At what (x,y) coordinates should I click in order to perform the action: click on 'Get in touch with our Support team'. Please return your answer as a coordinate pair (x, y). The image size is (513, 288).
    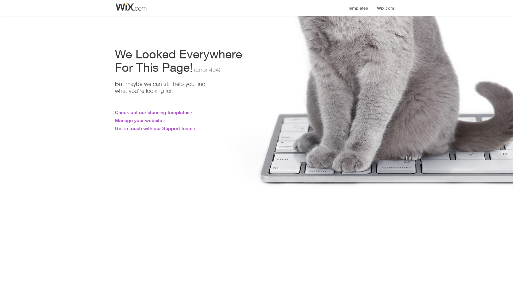
    Looking at the image, I should click on (153, 128).